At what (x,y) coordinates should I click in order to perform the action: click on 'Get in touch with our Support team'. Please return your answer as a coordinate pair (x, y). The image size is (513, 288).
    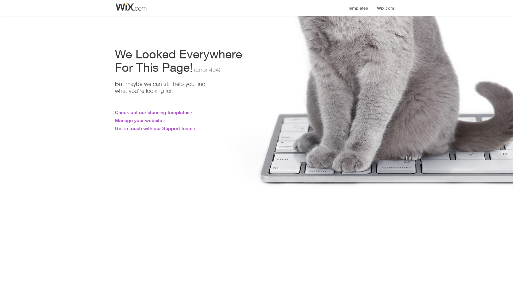
    Looking at the image, I should click on (153, 128).